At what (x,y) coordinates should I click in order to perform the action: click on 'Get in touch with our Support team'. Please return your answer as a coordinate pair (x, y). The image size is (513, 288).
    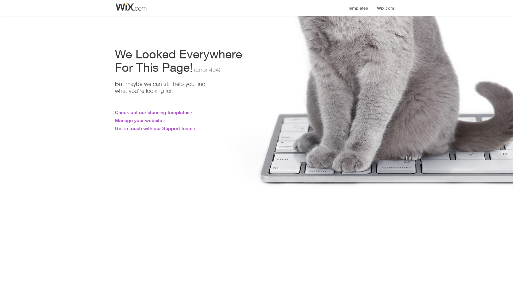
    Looking at the image, I should click on (153, 128).